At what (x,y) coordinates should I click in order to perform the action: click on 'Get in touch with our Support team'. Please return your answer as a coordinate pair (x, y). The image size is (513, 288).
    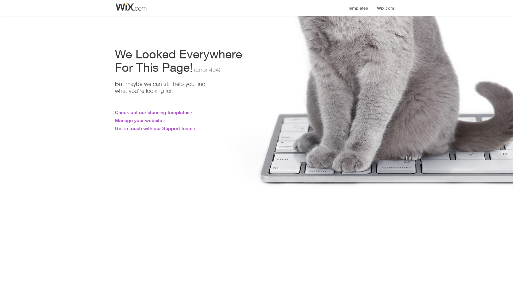
    Looking at the image, I should click on (153, 128).